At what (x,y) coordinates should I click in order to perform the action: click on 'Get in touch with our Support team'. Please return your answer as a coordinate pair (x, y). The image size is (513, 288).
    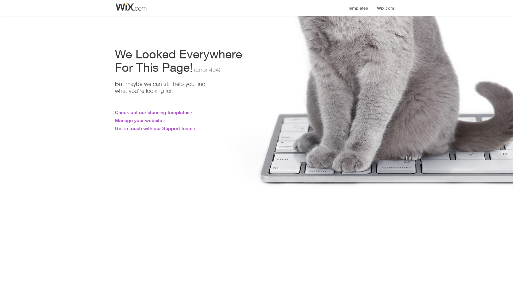
    Looking at the image, I should click on (153, 128).